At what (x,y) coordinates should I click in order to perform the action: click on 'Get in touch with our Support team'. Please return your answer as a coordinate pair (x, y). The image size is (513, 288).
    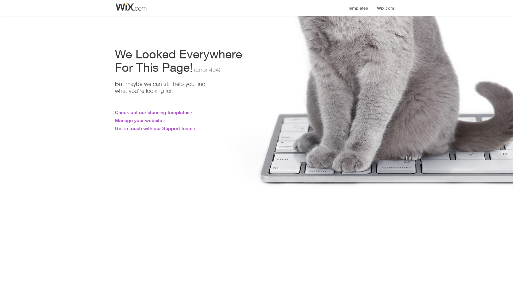
    Looking at the image, I should click on (153, 128).